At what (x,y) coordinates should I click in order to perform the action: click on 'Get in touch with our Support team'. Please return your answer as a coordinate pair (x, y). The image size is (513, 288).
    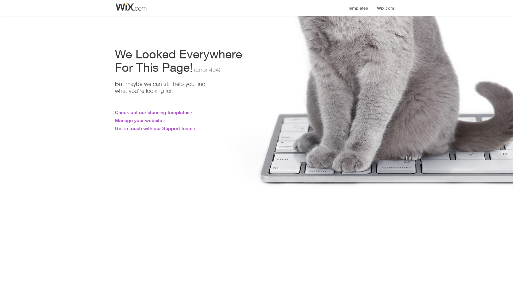
    Looking at the image, I should click on (153, 128).